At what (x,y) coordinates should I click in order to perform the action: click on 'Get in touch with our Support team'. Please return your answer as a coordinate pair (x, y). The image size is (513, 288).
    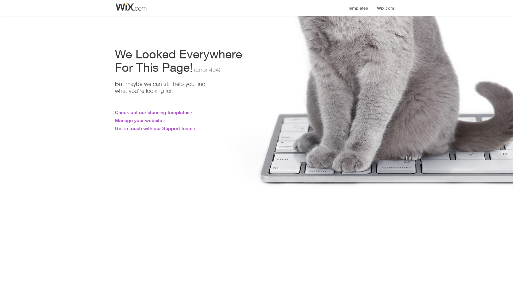
    Looking at the image, I should click on (153, 128).